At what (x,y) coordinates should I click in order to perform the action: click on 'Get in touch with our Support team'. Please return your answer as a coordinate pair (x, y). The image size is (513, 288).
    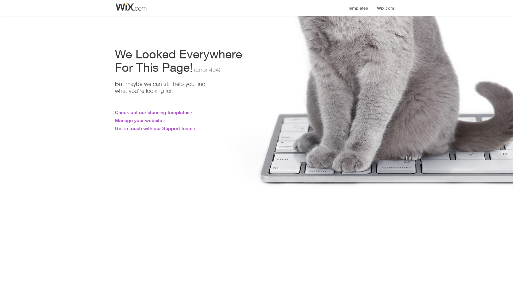
    Looking at the image, I should click on (153, 128).